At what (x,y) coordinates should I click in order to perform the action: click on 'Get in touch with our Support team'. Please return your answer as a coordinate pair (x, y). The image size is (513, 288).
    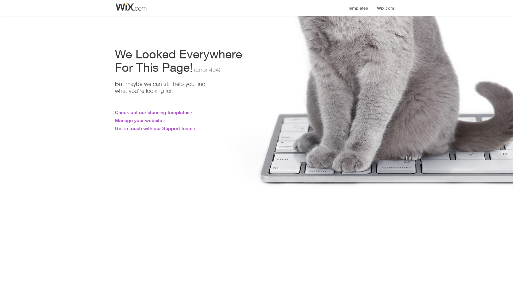
    Looking at the image, I should click on (153, 128).